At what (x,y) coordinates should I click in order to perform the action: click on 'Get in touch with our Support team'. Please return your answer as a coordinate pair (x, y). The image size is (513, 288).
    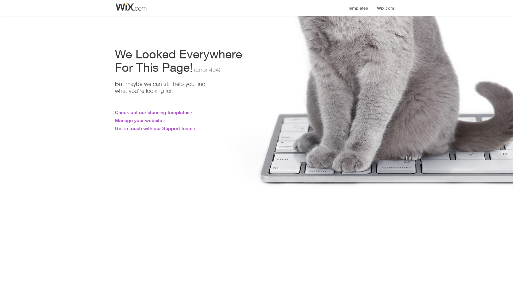
    Looking at the image, I should click on (153, 128).